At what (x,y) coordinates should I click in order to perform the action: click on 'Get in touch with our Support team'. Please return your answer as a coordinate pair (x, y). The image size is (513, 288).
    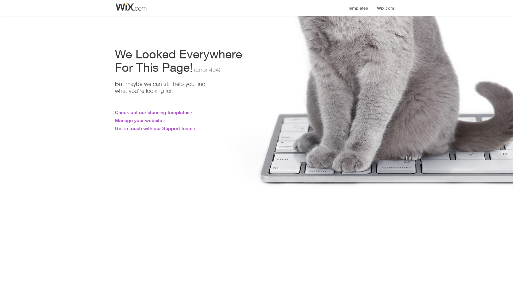
    Looking at the image, I should click on (153, 128).